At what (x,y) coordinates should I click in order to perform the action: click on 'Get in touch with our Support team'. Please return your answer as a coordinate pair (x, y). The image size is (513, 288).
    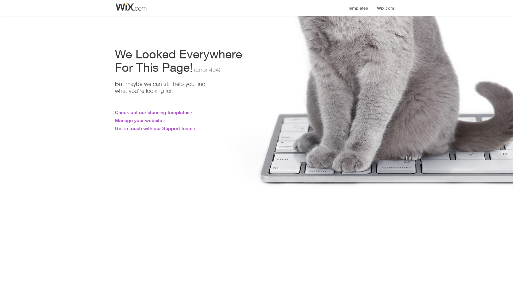
    Looking at the image, I should click on (153, 128).